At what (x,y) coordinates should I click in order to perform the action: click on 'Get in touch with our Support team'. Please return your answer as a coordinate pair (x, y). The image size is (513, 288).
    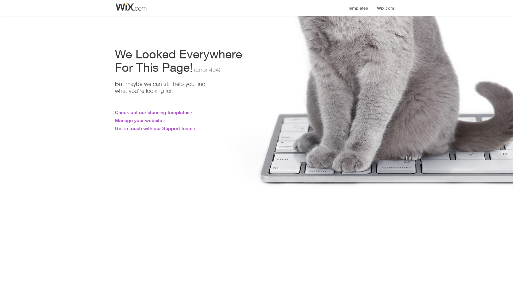
    Looking at the image, I should click on (153, 128).